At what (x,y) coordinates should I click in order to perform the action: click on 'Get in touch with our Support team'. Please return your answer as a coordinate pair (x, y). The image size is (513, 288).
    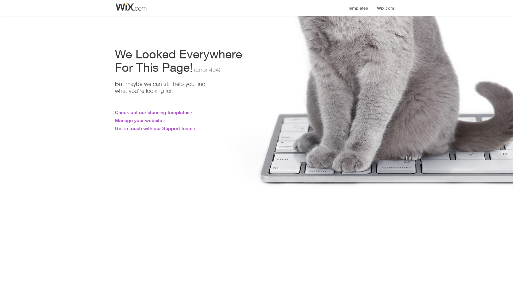
    Looking at the image, I should click on (153, 128).